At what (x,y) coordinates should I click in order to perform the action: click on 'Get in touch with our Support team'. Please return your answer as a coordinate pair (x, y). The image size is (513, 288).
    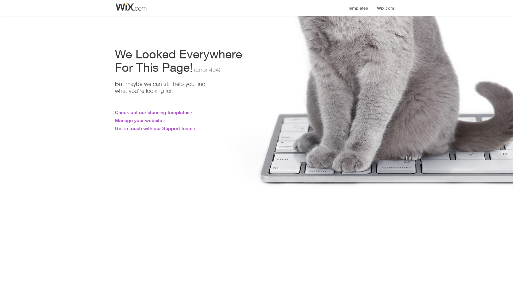
    Looking at the image, I should click on (153, 128).